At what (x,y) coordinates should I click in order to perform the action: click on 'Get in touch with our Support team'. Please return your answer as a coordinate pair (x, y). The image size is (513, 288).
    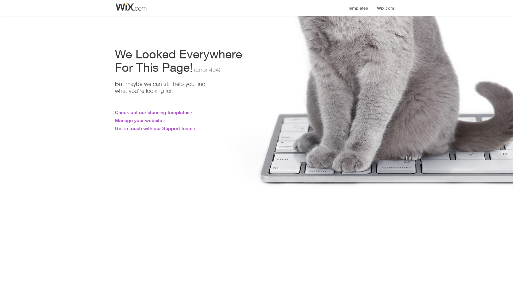
    Looking at the image, I should click on (153, 128).